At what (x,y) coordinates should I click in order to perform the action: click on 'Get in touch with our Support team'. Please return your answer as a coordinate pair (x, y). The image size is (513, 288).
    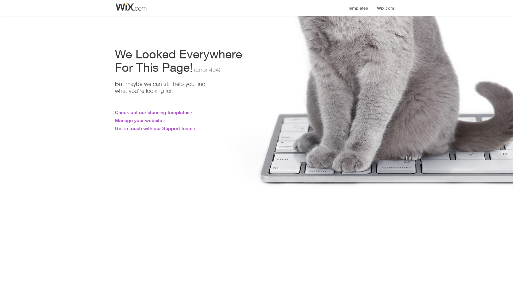
    Looking at the image, I should click on (153, 128).